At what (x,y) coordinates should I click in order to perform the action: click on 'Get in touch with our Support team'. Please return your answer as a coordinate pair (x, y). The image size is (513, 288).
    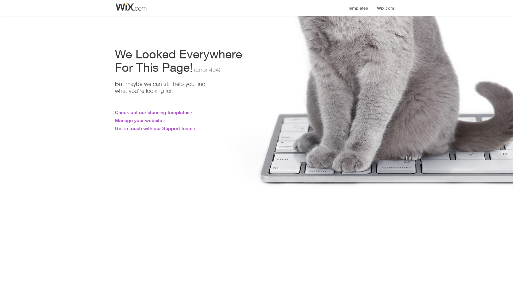
    Looking at the image, I should click on (153, 128).